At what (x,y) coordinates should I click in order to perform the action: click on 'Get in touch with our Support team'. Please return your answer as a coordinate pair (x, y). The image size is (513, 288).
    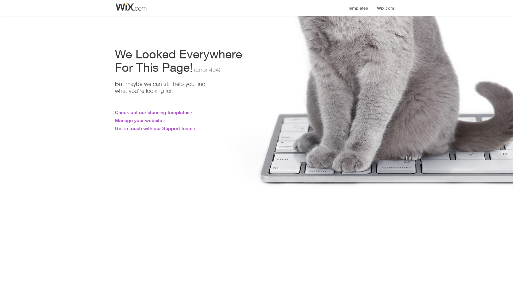
    Looking at the image, I should click on (153, 128).